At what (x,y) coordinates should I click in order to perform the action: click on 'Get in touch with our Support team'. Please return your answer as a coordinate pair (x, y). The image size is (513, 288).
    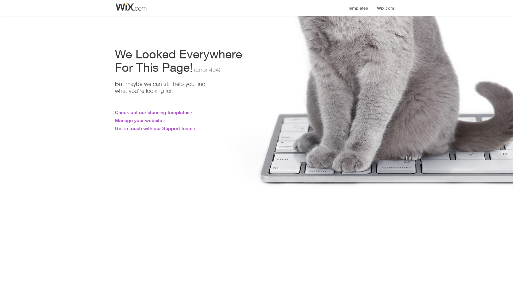
    Looking at the image, I should click on (153, 128).